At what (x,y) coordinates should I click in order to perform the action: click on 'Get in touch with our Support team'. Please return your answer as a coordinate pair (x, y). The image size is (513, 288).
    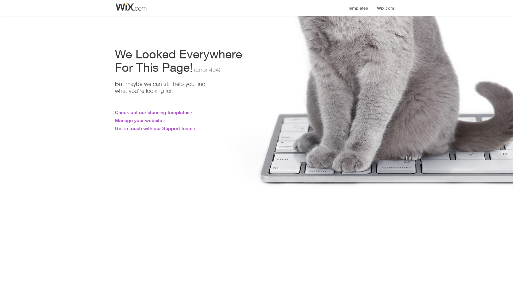
    Looking at the image, I should click on (153, 128).